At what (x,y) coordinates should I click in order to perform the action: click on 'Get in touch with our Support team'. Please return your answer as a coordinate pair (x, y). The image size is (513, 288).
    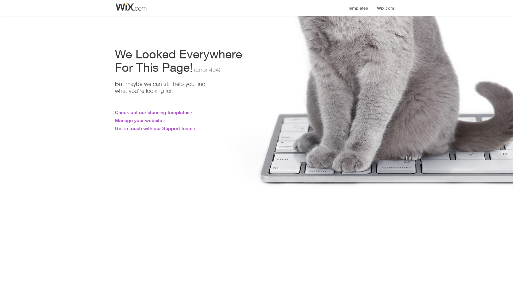
    Looking at the image, I should click on (153, 128).